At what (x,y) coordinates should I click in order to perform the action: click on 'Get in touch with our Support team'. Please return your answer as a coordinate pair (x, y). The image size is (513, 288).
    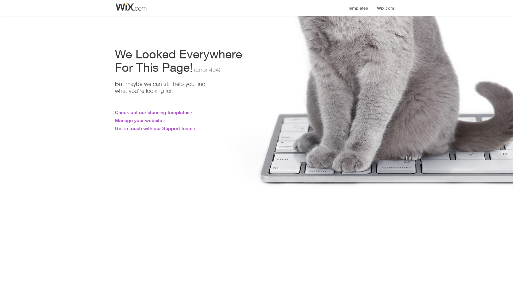
    Looking at the image, I should click on (153, 128).